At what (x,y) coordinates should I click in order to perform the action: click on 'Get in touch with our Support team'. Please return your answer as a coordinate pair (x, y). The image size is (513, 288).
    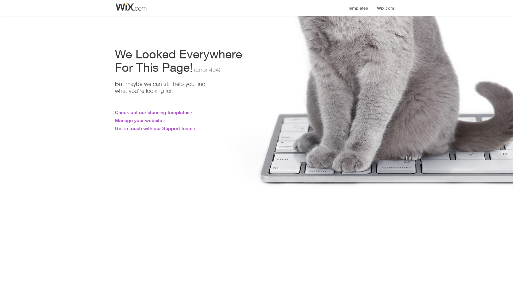
    Looking at the image, I should click on (153, 128).